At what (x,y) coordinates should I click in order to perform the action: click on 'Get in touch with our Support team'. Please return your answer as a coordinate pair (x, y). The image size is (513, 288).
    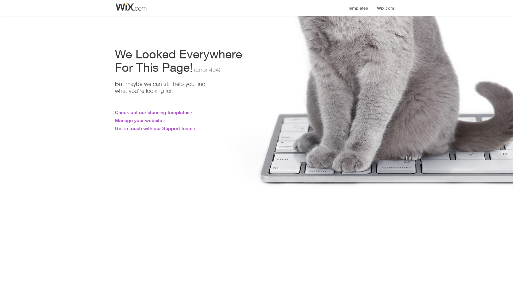
    Looking at the image, I should click on (153, 128).